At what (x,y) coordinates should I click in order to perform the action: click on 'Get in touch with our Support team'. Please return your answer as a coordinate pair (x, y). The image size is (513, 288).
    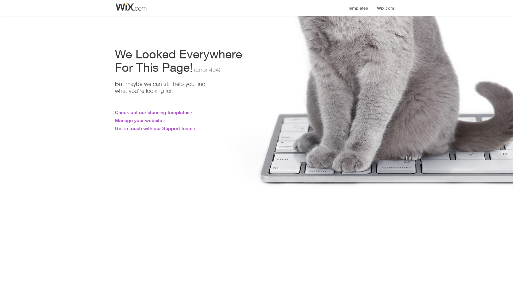
    Looking at the image, I should click on (153, 128).